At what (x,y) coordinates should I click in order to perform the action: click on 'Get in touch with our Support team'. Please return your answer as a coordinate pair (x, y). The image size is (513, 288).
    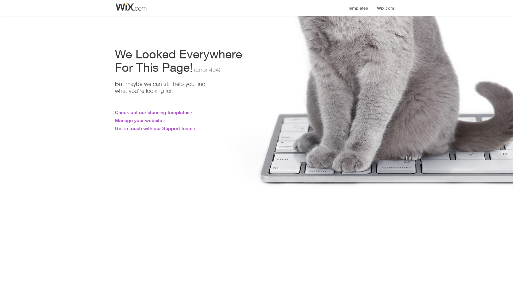
    Looking at the image, I should click on (153, 128).